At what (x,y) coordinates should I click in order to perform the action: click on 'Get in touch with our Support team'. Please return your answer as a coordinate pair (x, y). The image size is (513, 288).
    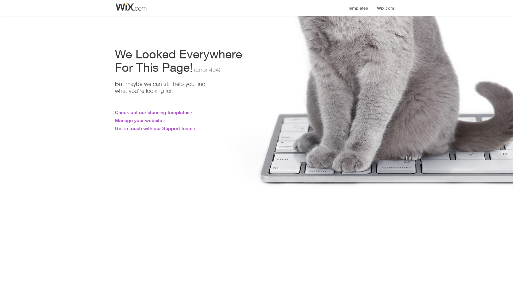
    Looking at the image, I should click on (153, 128).